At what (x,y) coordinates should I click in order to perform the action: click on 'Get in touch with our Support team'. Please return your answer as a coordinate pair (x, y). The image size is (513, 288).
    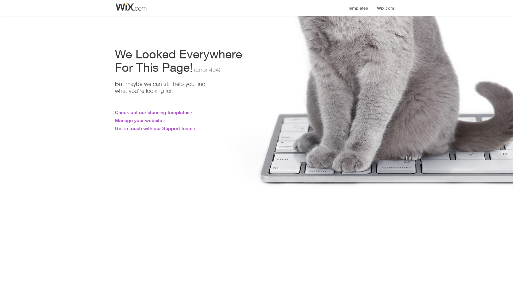
    Looking at the image, I should click on (153, 128).